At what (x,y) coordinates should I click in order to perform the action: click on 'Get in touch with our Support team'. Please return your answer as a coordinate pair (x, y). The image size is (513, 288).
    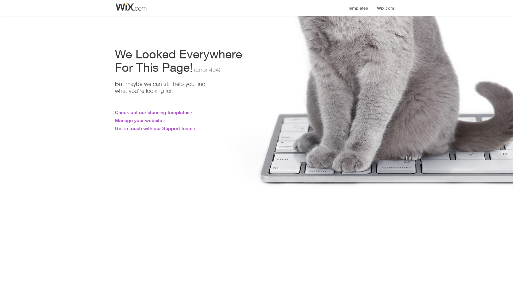
    Looking at the image, I should click on (153, 128).